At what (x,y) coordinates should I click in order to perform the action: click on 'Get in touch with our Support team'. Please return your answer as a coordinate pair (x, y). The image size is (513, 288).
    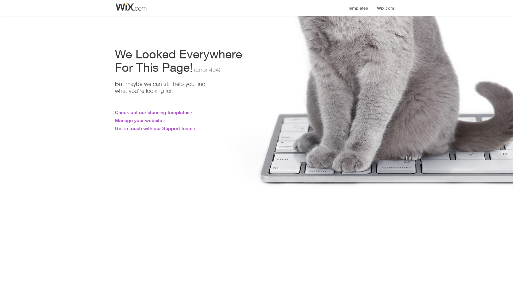
    Looking at the image, I should click on (153, 128).